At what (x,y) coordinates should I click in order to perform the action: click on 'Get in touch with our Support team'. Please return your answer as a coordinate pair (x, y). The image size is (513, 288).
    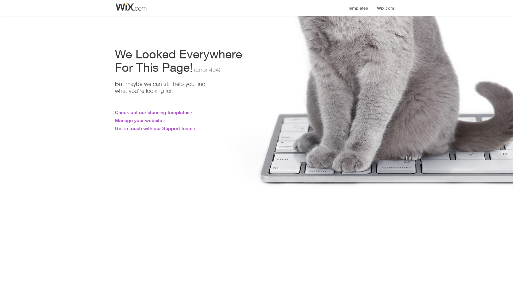
    Looking at the image, I should click on (153, 128).